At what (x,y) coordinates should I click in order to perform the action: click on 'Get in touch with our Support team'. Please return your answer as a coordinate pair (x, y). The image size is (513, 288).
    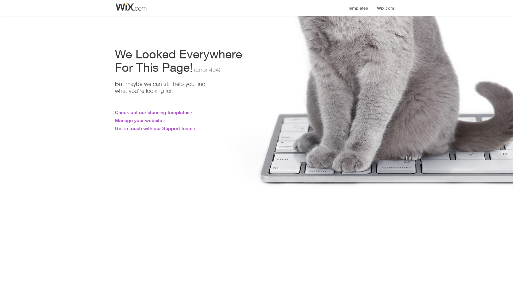
    Looking at the image, I should click on (153, 128).